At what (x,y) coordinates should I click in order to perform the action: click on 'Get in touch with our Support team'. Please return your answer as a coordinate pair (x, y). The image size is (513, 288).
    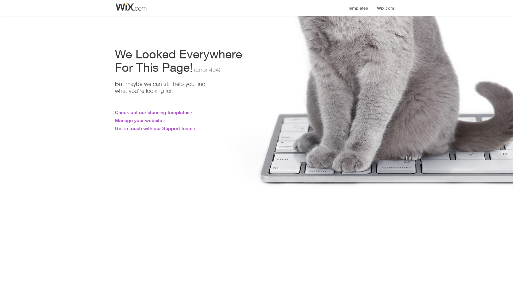
    Looking at the image, I should click on (153, 128).